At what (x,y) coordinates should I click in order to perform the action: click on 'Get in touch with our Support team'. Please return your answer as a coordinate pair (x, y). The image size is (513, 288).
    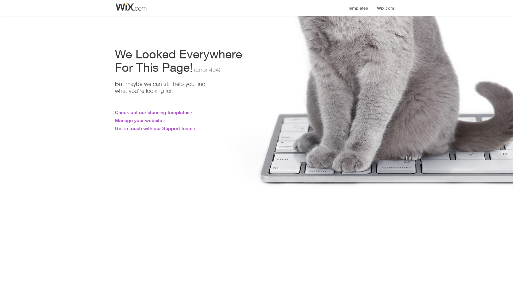
    Looking at the image, I should click on (153, 128).